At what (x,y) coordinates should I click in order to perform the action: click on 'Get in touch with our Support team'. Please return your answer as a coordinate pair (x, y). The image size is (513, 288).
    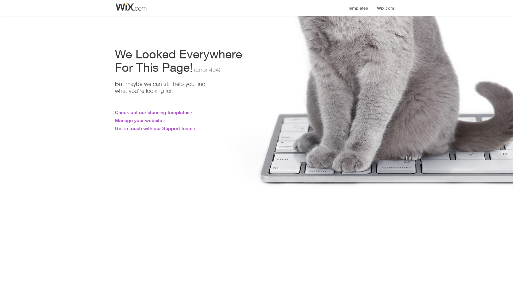
    Looking at the image, I should click on (153, 128).